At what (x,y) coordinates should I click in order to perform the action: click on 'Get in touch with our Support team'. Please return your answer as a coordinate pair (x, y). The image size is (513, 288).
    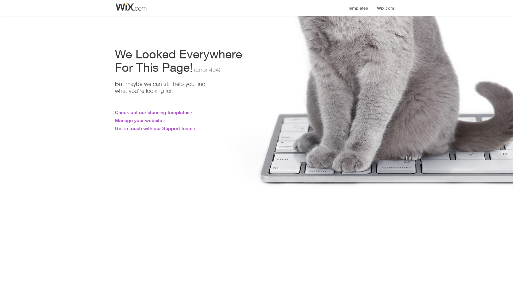
    Looking at the image, I should click on (153, 128).